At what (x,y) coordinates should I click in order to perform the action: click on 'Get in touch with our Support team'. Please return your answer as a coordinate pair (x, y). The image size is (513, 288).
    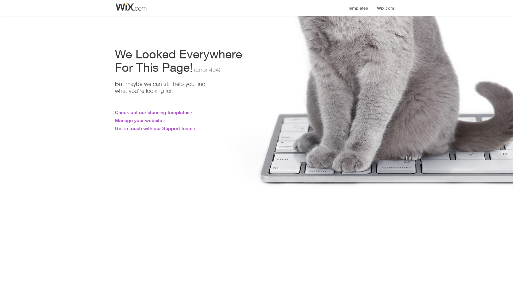
    Looking at the image, I should click on (153, 128).